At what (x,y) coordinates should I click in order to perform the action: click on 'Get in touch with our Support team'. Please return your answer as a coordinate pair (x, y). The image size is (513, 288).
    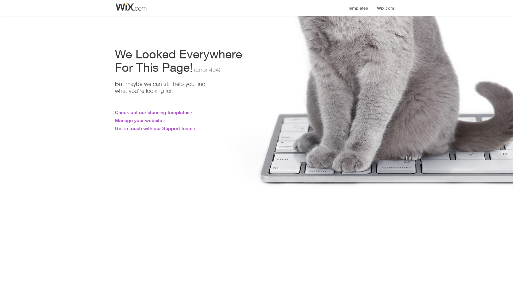
    Looking at the image, I should click on (153, 128).